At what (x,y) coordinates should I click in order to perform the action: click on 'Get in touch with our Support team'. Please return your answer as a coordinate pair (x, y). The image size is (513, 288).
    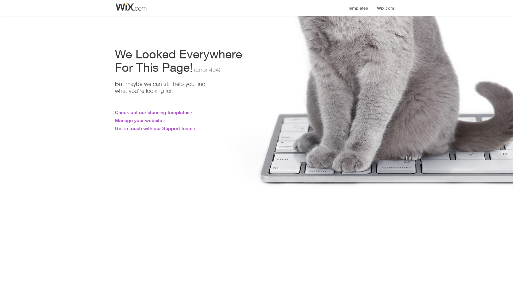
    Looking at the image, I should click on (153, 128).